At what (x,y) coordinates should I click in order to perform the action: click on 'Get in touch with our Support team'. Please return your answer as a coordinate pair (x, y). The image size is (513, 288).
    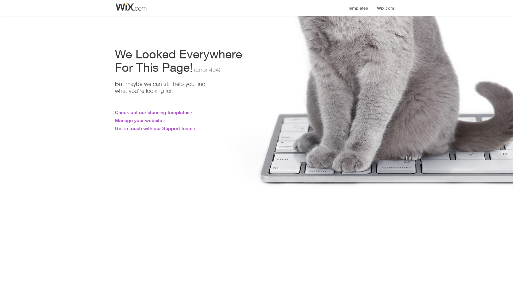
    Looking at the image, I should click on (153, 128).